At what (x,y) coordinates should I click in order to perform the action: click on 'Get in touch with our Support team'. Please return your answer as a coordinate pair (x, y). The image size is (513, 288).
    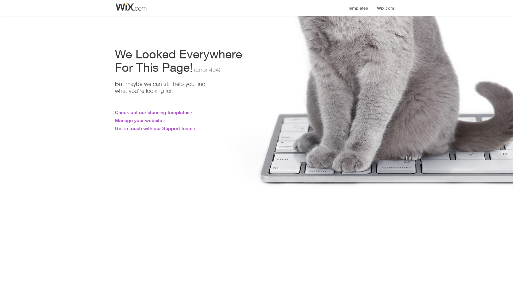
    Looking at the image, I should click on (153, 128).